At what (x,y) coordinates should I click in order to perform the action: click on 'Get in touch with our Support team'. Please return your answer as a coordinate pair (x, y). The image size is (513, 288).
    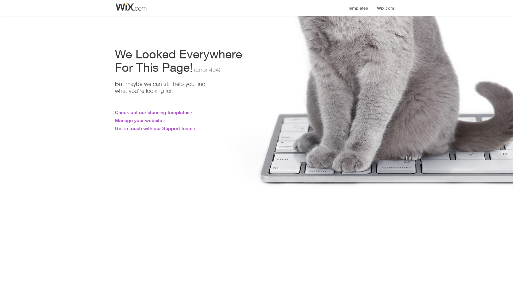
    Looking at the image, I should click on (153, 128).